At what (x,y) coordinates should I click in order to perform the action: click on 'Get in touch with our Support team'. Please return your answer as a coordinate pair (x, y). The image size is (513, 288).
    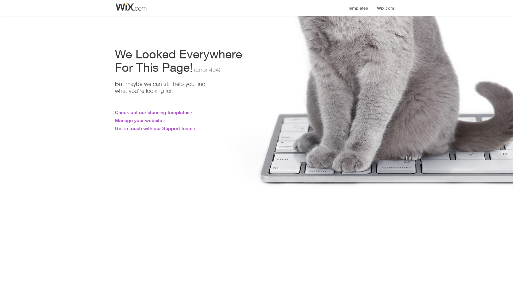
    Looking at the image, I should click on (153, 128).